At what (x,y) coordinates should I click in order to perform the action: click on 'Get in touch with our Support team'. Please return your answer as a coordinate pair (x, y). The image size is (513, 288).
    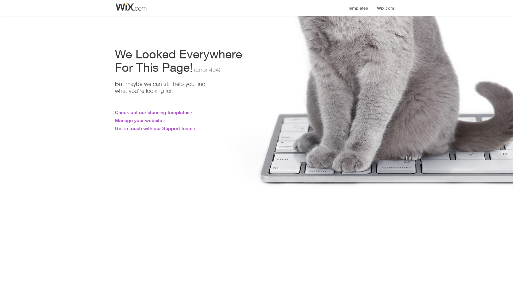
    Looking at the image, I should click on (153, 128).